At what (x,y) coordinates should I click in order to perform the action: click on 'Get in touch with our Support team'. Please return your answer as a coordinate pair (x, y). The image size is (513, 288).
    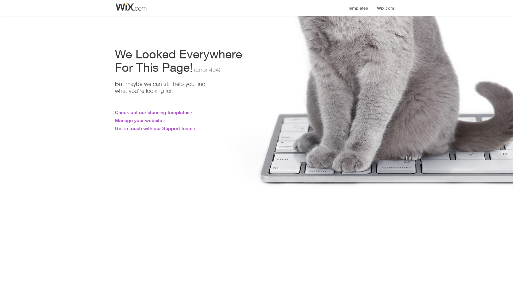
    Looking at the image, I should click on (153, 128).